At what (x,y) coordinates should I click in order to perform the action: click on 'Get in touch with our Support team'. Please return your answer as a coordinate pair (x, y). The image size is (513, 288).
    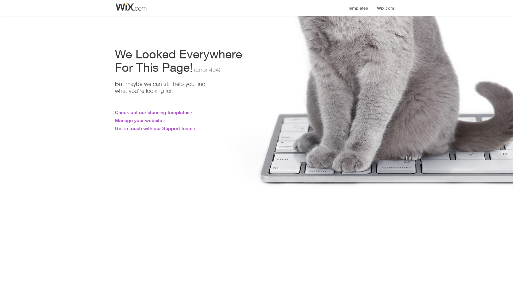
    Looking at the image, I should click on (153, 128).